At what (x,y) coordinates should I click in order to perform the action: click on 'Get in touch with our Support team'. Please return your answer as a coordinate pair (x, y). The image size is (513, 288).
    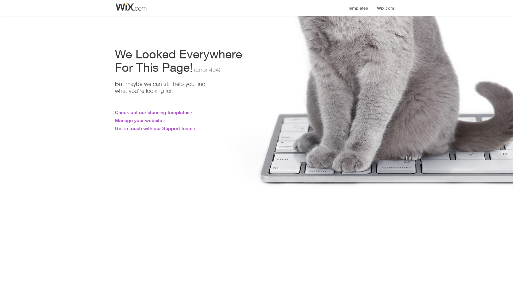
    Looking at the image, I should click on (153, 128).